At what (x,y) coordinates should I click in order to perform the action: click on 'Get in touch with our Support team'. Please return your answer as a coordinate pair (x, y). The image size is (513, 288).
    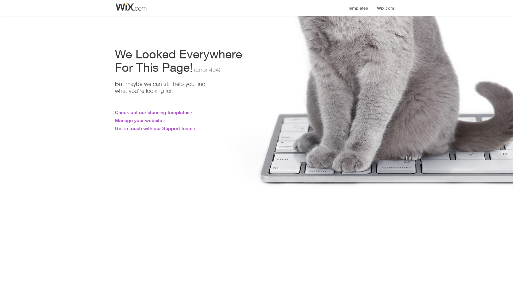
    Looking at the image, I should click on (153, 128).